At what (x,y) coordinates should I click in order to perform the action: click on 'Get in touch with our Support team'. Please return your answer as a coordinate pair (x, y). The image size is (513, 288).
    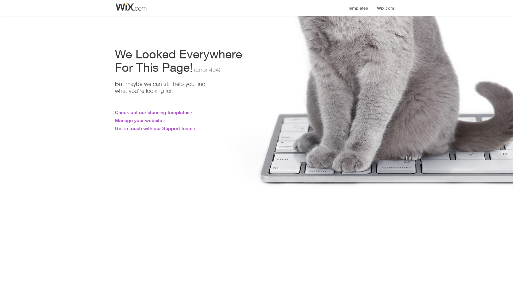
    Looking at the image, I should click on (153, 128).